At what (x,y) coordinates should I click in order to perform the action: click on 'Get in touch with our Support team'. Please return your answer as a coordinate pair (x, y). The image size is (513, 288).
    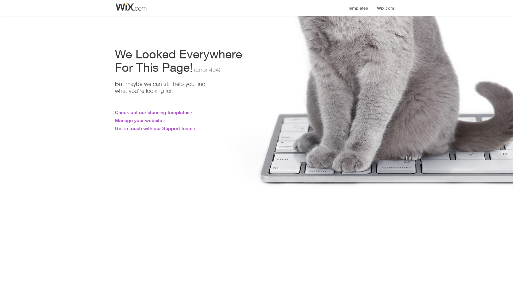
    Looking at the image, I should click on (153, 128).